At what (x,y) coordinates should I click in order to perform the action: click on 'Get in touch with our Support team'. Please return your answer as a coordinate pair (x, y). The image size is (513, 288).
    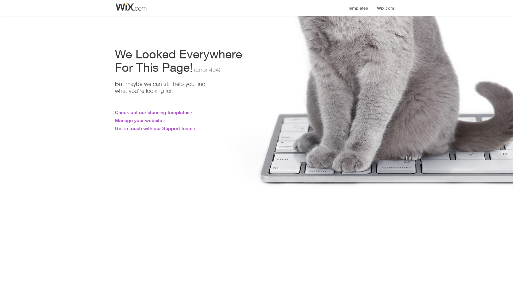
    Looking at the image, I should click on (153, 128).